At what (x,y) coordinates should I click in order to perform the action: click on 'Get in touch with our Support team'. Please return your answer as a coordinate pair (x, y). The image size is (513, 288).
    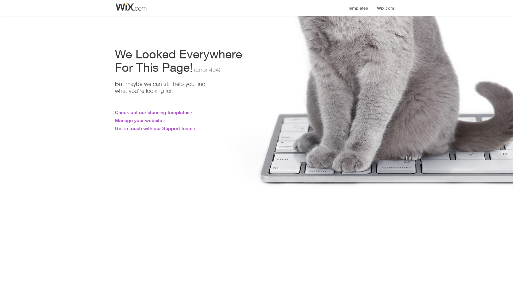
    Looking at the image, I should click on (153, 128).